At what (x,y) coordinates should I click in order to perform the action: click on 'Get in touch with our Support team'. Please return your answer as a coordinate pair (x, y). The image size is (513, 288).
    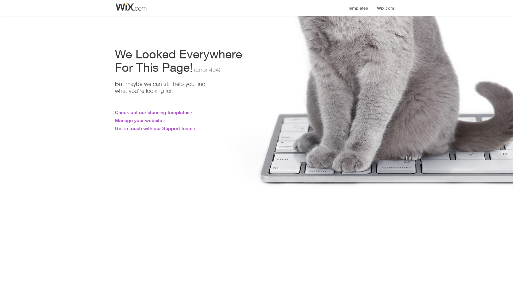
    Looking at the image, I should click on (153, 128).